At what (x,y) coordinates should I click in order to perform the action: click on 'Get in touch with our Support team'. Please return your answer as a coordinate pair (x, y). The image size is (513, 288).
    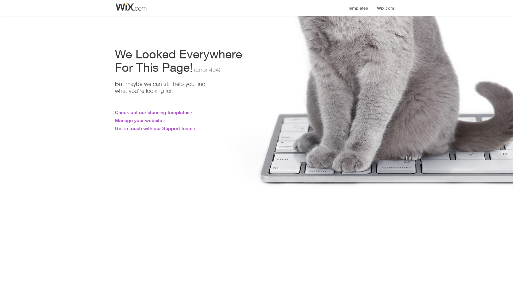
    Looking at the image, I should click on (153, 128).